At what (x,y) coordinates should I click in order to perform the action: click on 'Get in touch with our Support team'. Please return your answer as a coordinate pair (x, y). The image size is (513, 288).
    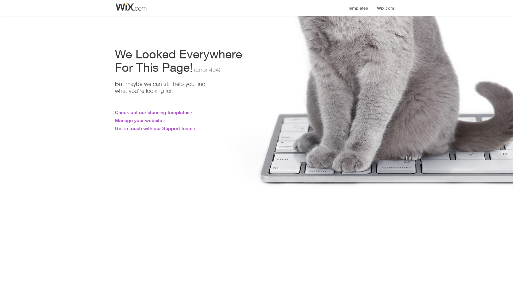
    Looking at the image, I should click on (153, 128).